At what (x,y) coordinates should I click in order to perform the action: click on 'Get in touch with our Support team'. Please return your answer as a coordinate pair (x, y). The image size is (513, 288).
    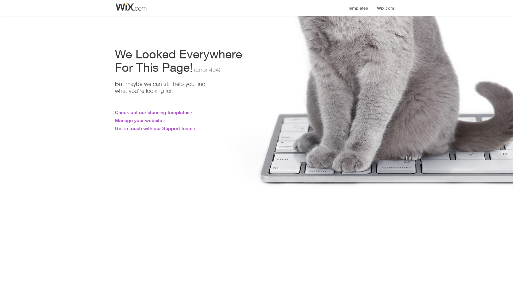
    Looking at the image, I should click on (153, 128).